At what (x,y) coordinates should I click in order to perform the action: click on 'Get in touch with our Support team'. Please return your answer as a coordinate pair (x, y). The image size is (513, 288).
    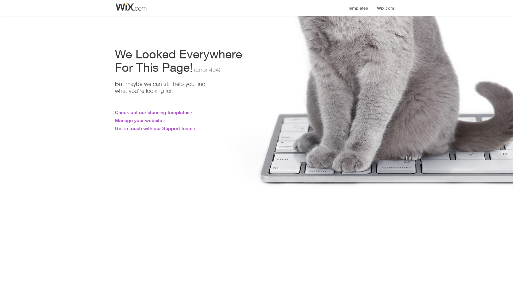
    Looking at the image, I should click on (153, 128).